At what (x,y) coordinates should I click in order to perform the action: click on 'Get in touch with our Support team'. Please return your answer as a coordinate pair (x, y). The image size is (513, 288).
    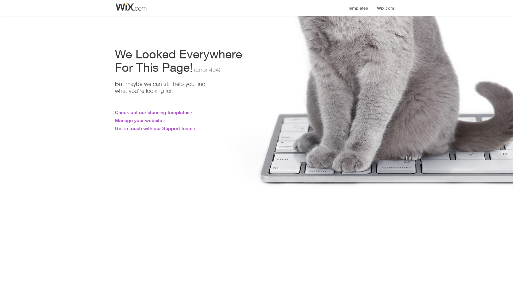
    Looking at the image, I should click on (153, 128).